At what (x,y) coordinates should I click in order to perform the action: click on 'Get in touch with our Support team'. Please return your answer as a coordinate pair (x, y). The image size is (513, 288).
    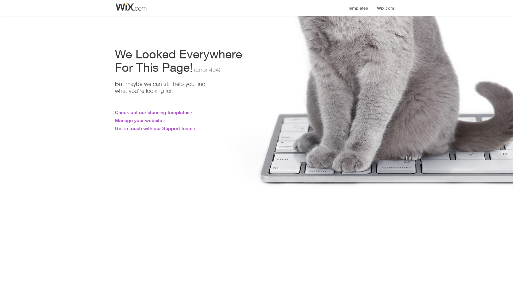
    Looking at the image, I should click on (153, 128).